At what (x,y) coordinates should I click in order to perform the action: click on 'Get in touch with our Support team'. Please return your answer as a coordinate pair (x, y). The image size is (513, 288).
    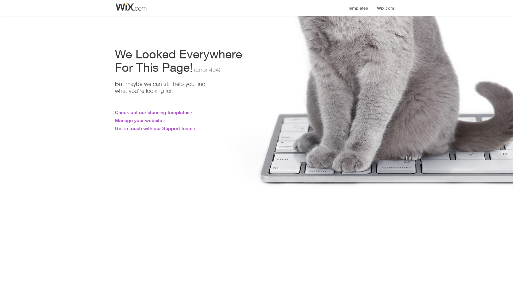
    Looking at the image, I should click on (153, 128).